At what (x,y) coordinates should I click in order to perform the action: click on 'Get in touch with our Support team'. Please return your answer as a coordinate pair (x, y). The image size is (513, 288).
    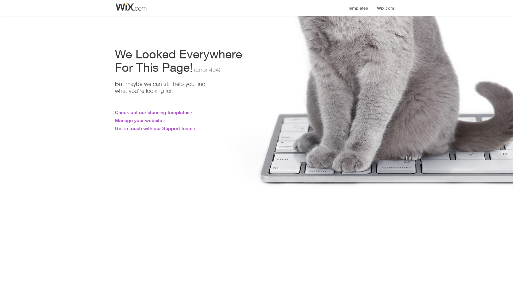
    Looking at the image, I should click on (153, 128).